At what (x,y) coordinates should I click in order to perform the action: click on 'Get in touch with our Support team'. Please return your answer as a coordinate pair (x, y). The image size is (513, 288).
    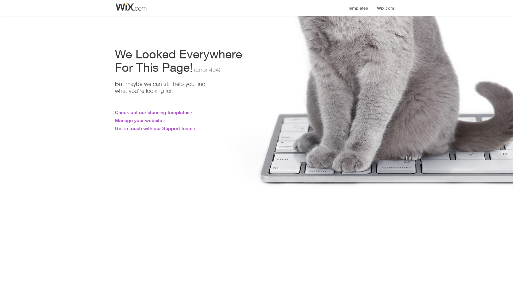
    Looking at the image, I should click on (153, 128).